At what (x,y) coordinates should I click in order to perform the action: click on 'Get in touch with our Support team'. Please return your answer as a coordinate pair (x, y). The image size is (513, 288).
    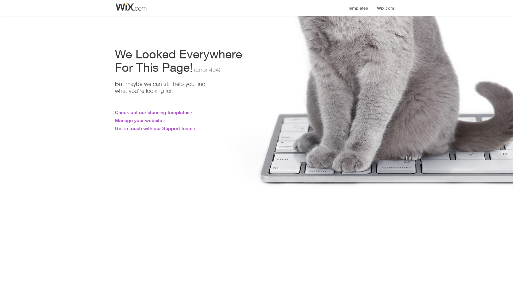
    Looking at the image, I should click on (153, 128).